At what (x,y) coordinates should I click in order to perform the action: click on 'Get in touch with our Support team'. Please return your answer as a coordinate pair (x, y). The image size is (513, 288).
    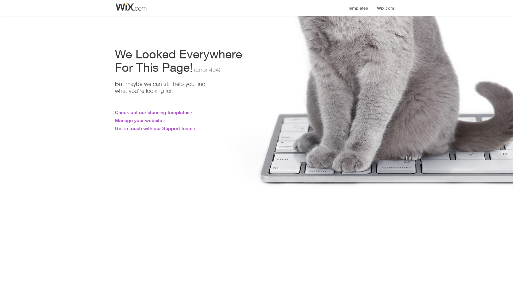
    Looking at the image, I should click on (153, 128).